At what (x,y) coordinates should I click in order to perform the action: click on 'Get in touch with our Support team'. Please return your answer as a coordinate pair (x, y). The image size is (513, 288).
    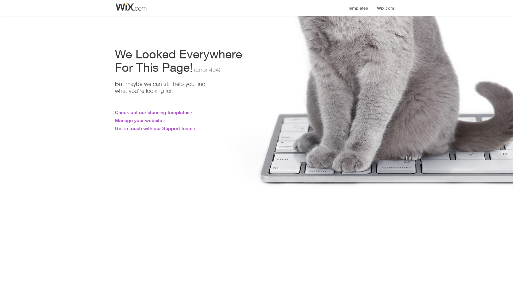
    Looking at the image, I should click on (153, 128).